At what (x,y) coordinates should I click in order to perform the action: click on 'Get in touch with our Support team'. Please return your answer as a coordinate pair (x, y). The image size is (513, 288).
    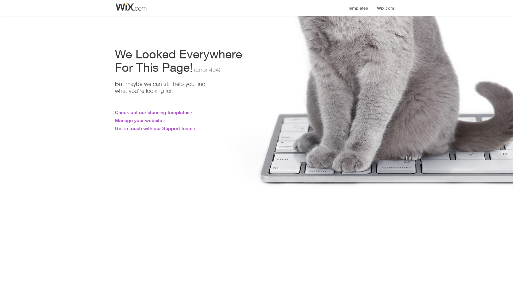
    Looking at the image, I should click on (153, 128).